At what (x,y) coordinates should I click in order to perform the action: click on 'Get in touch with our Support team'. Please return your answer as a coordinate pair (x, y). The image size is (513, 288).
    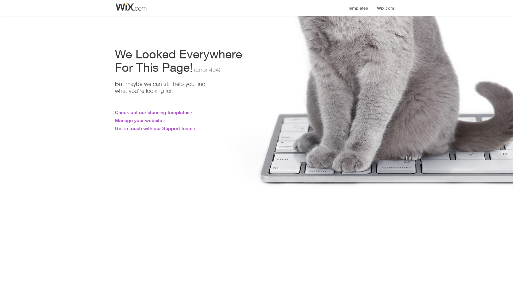
    Looking at the image, I should click on (153, 128).